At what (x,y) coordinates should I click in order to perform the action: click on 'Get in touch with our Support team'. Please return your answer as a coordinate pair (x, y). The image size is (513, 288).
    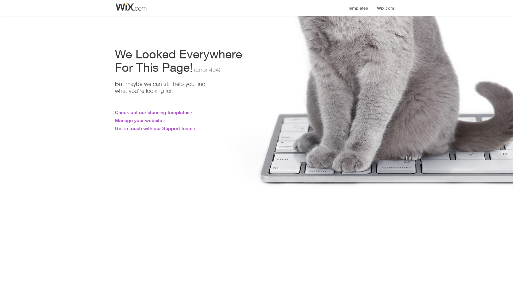
    Looking at the image, I should click on (153, 128).